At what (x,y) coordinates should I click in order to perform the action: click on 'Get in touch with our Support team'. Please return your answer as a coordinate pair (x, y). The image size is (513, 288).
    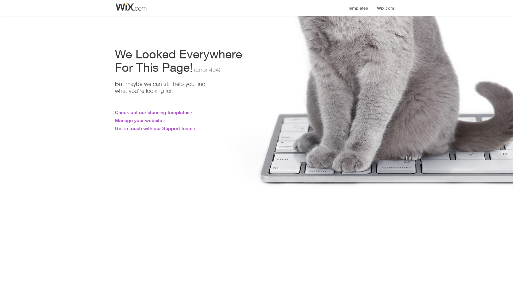
    Looking at the image, I should click on (153, 128).